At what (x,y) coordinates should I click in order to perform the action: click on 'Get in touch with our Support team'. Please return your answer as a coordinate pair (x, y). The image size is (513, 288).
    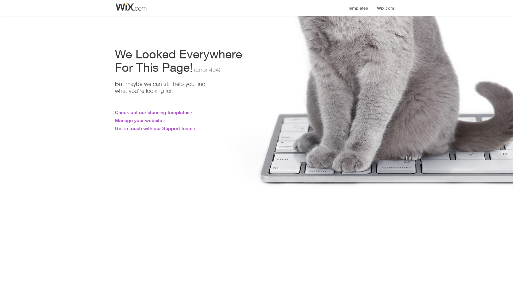
    Looking at the image, I should click on (153, 128).